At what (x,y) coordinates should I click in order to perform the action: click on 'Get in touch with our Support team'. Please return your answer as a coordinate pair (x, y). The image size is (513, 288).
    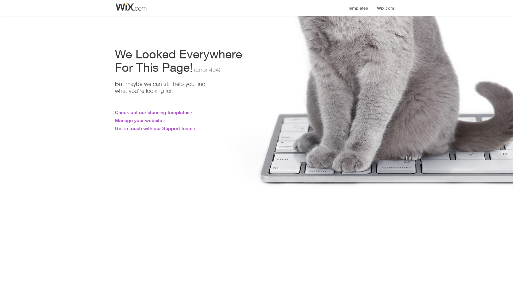
    Looking at the image, I should click on (153, 128).